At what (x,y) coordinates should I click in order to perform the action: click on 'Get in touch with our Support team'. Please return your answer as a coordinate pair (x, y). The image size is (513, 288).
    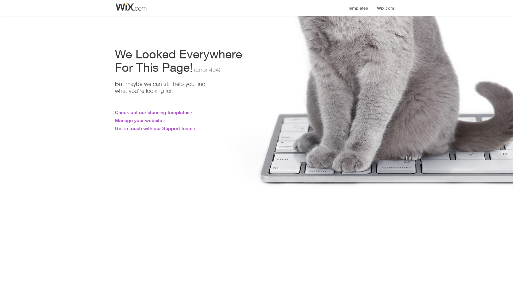
    Looking at the image, I should click on (153, 128).